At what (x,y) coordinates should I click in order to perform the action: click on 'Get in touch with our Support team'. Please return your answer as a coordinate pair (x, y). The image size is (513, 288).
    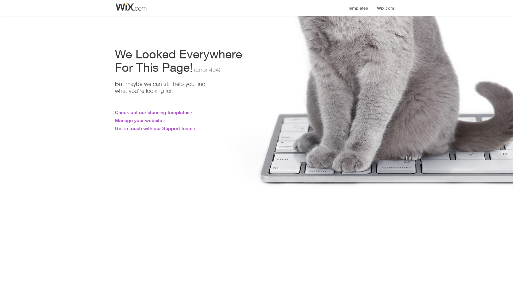
    Looking at the image, I should click on (153, 128).